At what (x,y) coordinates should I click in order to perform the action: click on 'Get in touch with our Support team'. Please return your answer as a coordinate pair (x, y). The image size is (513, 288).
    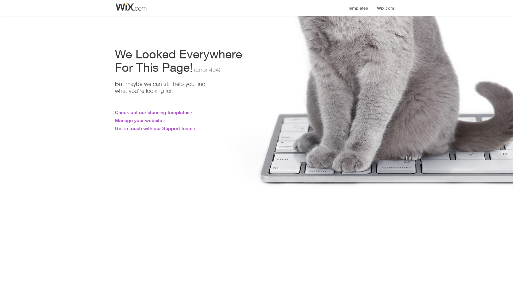
    Looking at the image, I should click on (153, 128).